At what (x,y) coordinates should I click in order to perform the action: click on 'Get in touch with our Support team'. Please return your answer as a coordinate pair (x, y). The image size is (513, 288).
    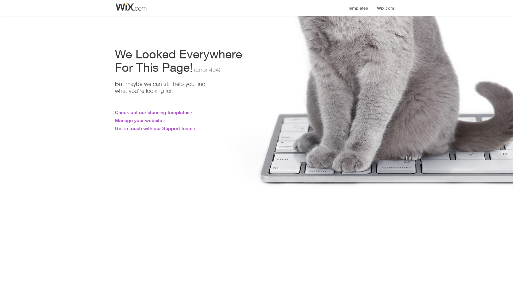
    Looking at the image, I should click on (153, 128).